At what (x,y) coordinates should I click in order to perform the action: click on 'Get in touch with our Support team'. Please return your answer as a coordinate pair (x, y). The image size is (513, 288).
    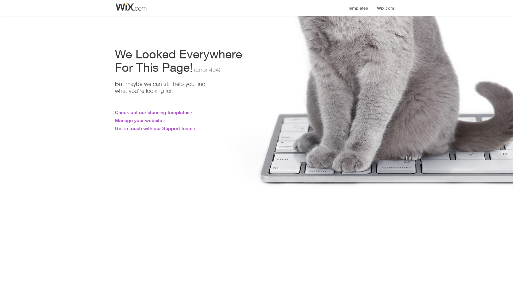
    Looking at the image, I should click on (153, 128).